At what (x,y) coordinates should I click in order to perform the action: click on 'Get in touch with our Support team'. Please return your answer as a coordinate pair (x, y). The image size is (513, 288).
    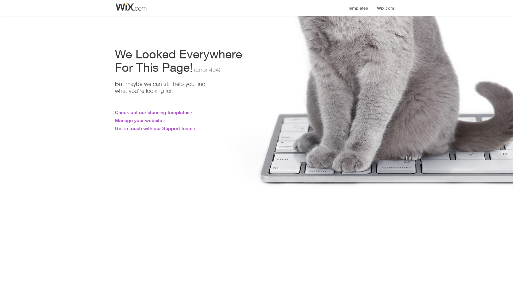
    Looking at the image, I should click on (153, 128).